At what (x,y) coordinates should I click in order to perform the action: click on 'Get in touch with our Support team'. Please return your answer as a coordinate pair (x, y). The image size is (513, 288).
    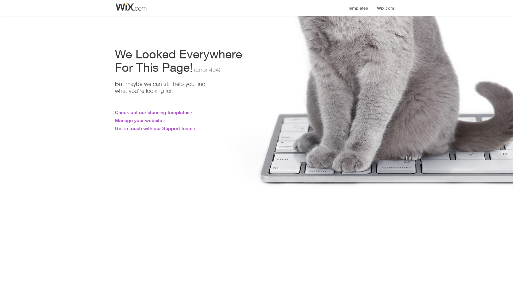
    Looking at the image, I should click on (153, 128).